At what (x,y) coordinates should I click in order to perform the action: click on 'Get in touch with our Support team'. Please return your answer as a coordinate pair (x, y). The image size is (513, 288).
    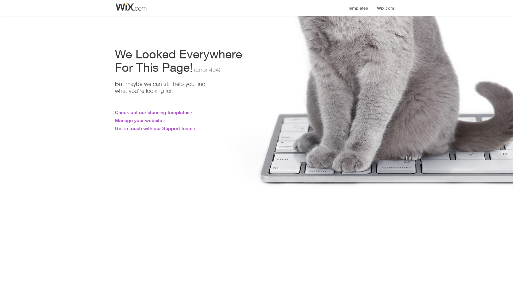
    Looking at the image, I should click on (153, 128).